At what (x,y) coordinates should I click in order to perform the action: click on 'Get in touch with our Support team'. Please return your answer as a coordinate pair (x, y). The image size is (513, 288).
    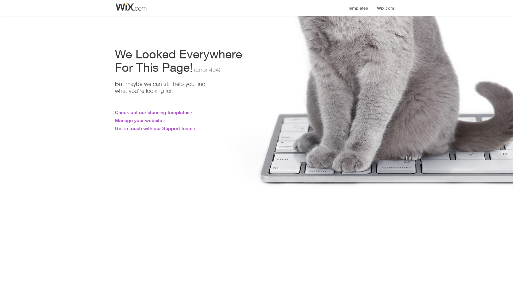
    Looking at the image, I should click on (153, 128).